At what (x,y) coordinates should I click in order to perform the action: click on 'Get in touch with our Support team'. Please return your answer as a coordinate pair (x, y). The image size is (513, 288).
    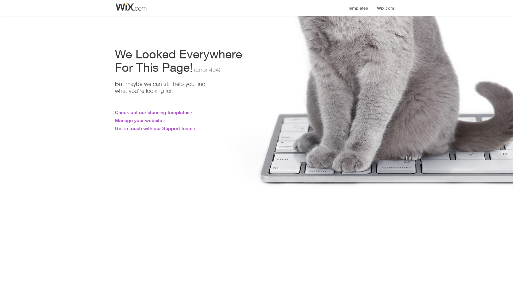
    Looking at the image, I should click on (153, 128).